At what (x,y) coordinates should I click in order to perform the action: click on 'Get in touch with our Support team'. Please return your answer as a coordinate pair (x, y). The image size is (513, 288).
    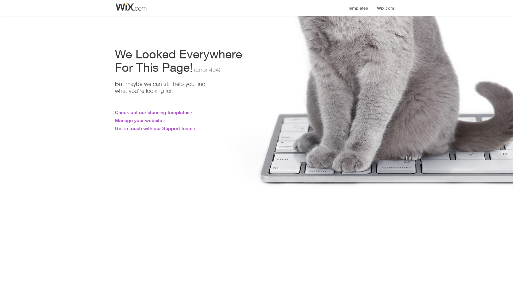
    Looking at the image, I should click on (153, 128).